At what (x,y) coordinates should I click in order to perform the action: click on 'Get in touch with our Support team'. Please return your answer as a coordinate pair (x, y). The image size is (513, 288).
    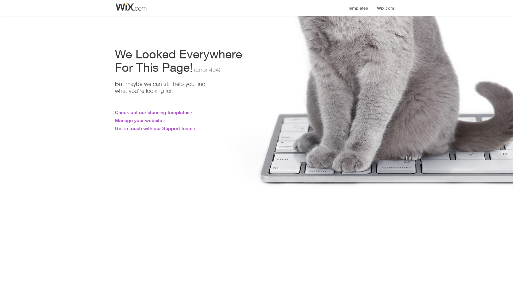
    Looking at the image, I should click on (153, 128).